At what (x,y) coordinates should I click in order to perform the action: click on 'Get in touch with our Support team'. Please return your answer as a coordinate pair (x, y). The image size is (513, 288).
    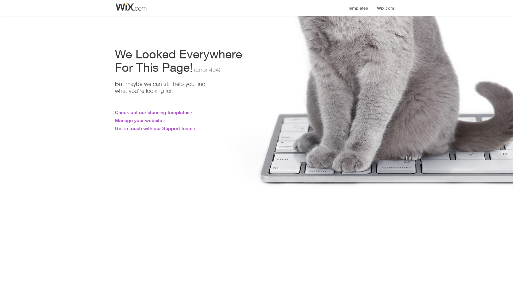
    Looking at the image, I should click on (153, 128).